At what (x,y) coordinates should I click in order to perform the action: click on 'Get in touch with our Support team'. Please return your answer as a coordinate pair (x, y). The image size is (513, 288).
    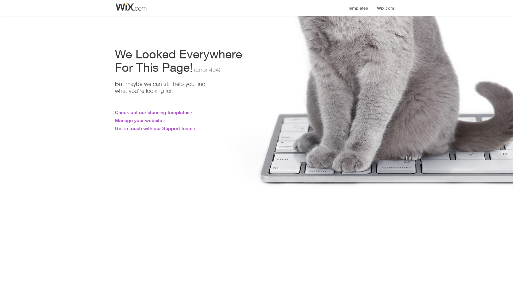
    Looking at the image, I should click on (153, 128).